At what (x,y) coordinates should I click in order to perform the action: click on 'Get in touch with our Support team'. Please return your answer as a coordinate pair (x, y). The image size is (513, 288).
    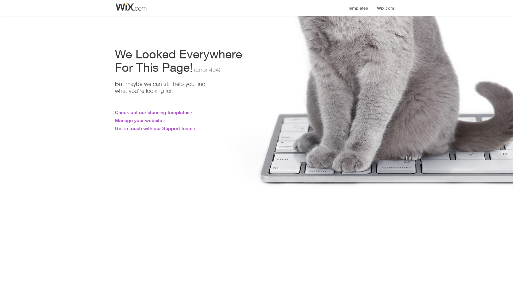
    Looking at the image, I should click on (153, 128).